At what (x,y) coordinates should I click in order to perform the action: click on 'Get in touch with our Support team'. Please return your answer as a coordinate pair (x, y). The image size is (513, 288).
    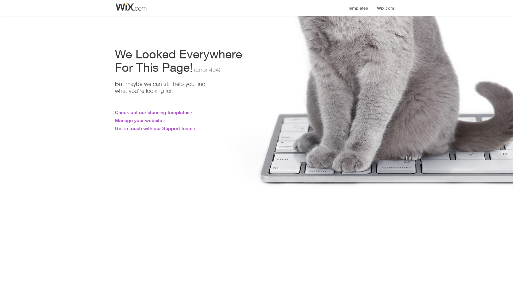
    Looking at the image, I should click on (153, 128).